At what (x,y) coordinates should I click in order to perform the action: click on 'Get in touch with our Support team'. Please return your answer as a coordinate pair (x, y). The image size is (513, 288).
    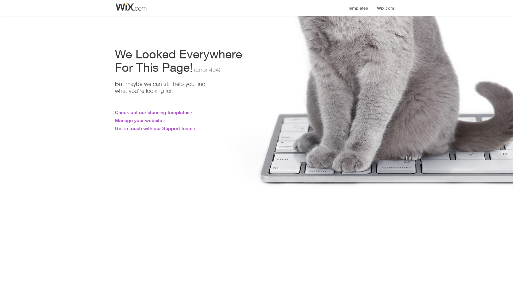
    Looking at the image, I should click on (153, 128).